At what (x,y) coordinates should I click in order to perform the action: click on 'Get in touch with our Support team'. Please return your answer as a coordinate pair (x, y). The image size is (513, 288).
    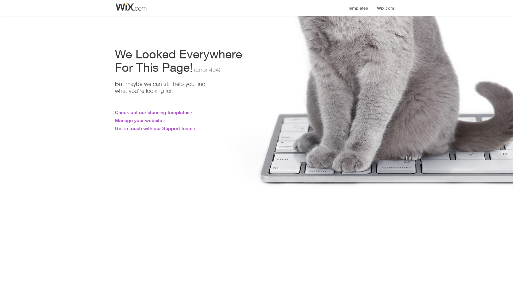
    Looking at the image, I should click on (153, 128).